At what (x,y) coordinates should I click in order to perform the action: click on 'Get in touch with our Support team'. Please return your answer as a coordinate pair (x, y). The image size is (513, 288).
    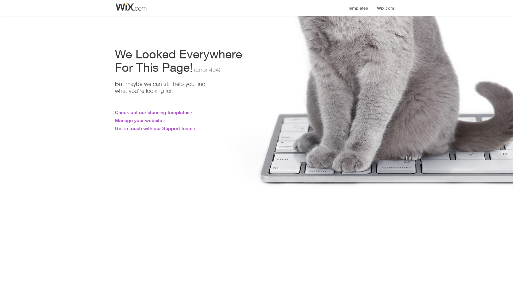
    Looking at the image, I should click on (153, 128).